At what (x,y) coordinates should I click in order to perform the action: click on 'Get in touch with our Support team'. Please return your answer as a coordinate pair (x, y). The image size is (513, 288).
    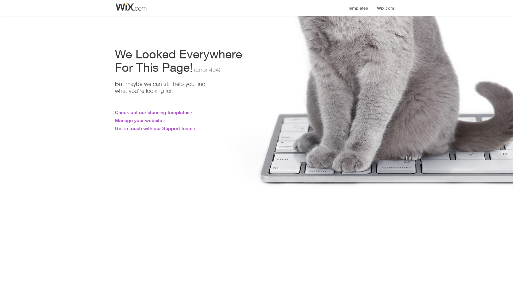
    Looking at the image, I should click on (153, 128).